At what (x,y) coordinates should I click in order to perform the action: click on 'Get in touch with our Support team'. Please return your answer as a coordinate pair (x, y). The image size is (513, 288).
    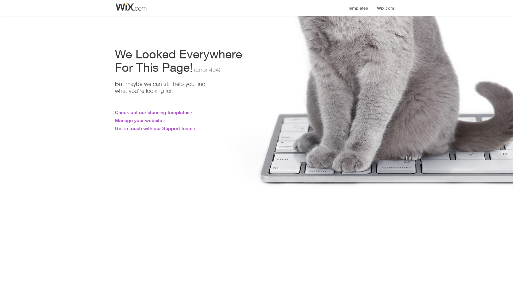
    Looking at the image, I should click on (153, 128).